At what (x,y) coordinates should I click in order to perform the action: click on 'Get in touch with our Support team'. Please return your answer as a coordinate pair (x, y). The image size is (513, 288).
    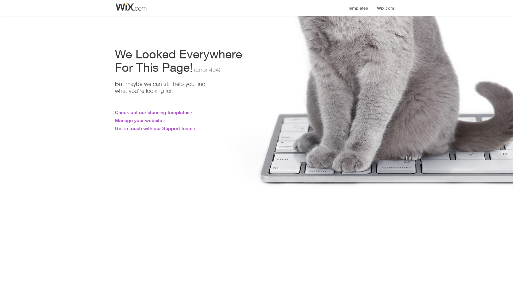
    Looking at the image, I should click on (153, 128).